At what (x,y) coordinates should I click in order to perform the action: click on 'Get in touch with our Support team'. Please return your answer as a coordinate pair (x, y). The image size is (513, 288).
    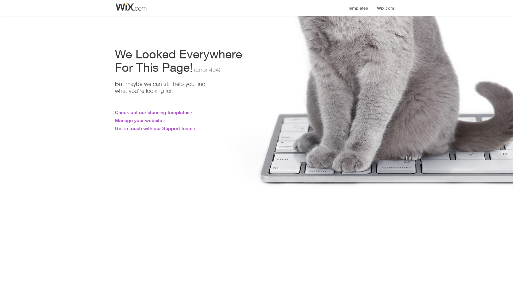
    Looking at the image, I should click on (153, 128).